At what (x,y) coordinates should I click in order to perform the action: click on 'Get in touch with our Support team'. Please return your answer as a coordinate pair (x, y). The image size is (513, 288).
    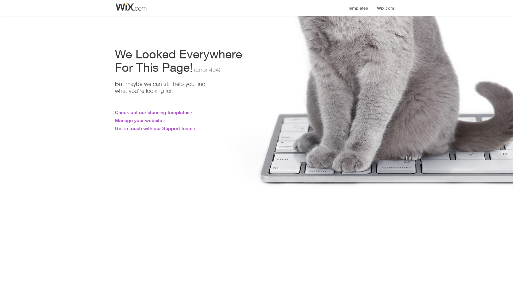
    Looking at the image, I should click on (153, 128).